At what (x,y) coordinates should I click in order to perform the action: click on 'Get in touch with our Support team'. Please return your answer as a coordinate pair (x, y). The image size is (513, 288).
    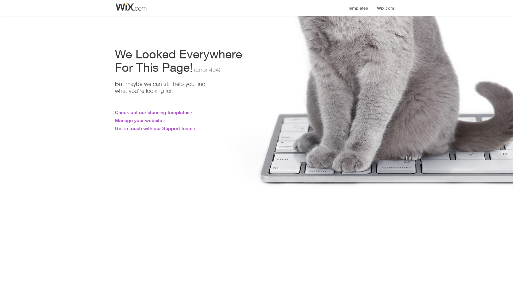
    Looking at the image, I should click on (153, 128).